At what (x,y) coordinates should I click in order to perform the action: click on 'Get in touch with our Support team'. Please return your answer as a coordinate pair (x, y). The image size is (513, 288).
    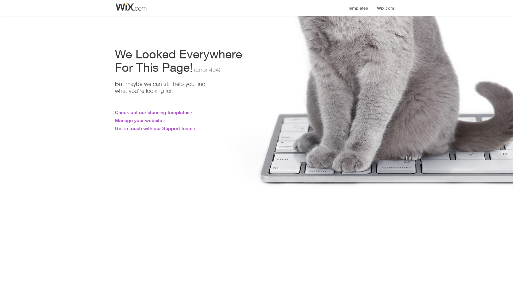
    Looking at the image, I should click on (153, 128).